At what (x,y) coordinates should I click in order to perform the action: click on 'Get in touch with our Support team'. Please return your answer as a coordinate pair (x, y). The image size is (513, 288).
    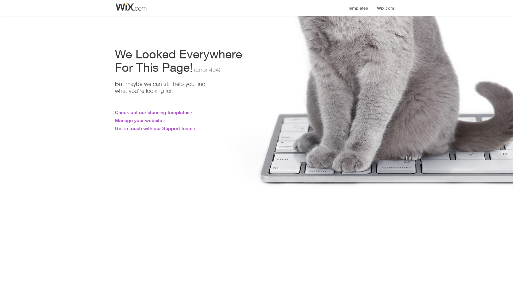
    Looking at the image, I should click on (153, 128).